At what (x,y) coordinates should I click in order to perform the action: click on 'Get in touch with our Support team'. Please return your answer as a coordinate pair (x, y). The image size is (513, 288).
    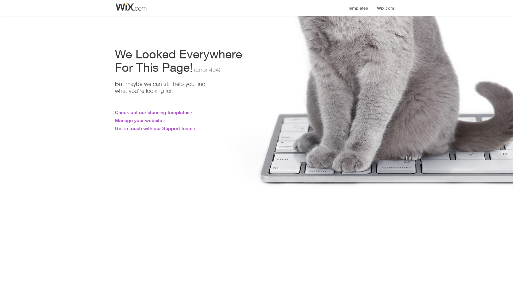
    Looking at the image, I should click on (153, 128).